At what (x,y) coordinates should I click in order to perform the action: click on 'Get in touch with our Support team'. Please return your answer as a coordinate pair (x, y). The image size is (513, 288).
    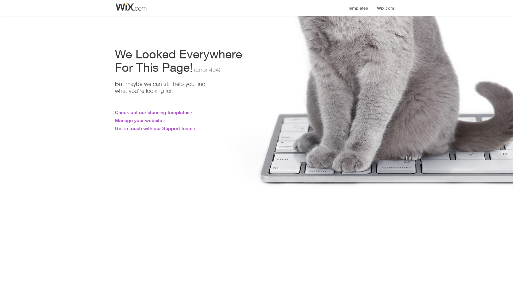
    Looking at the image, I should click on (153, 128).